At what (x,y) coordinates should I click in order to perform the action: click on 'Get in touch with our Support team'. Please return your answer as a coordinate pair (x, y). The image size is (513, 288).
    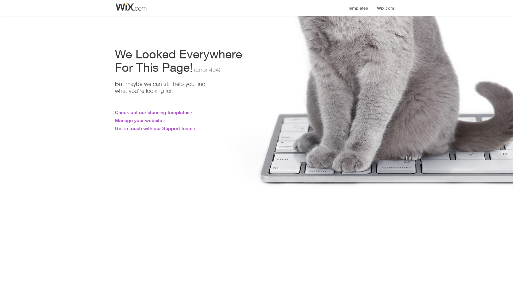
    Looking at the image, I should click on (153, 128).